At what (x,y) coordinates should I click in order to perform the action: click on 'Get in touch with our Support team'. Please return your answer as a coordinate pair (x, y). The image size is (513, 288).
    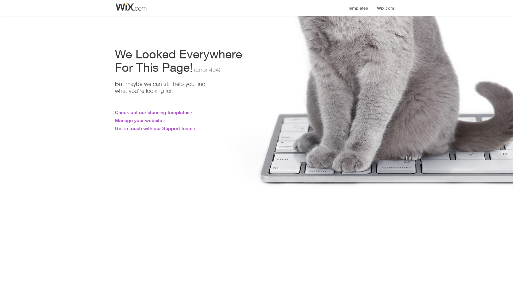
    Looking at the image, I should click on (153, 128).